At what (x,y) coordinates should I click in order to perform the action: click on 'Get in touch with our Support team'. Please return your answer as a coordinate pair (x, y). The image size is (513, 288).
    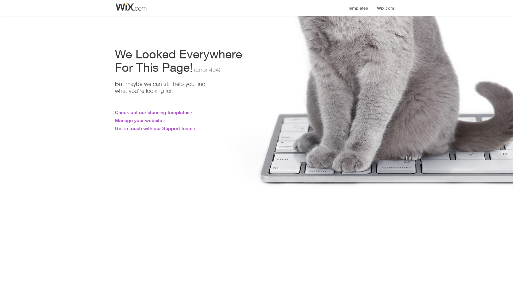
    Looking at the image, I should click on (153, 128).